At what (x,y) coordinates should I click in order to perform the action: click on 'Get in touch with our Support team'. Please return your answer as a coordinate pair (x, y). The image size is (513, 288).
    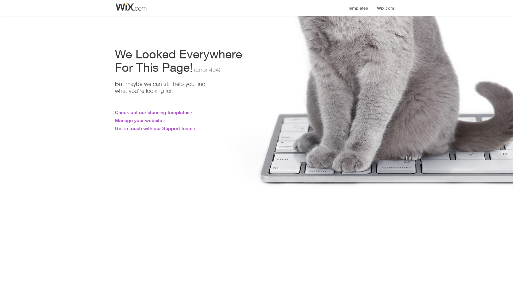
    Looking at the image, I should click on (153, 128).